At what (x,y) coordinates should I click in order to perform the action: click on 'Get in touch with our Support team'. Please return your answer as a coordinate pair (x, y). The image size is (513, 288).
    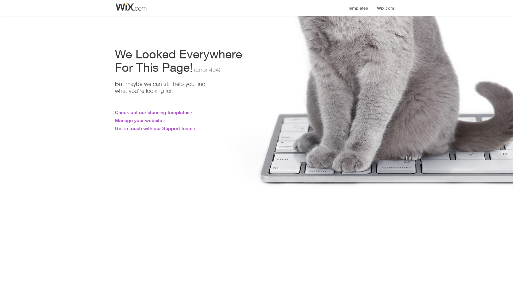
    Looking at the image, I should click on (153, 128).